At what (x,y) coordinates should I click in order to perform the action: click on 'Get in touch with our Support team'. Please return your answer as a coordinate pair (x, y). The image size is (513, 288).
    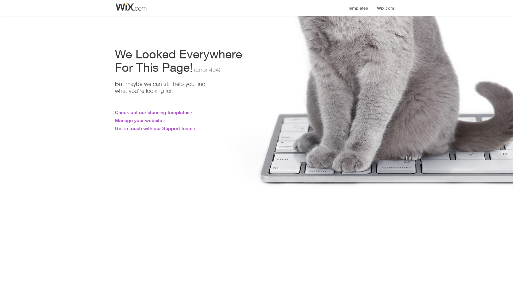
    Looking at the image, I should click on (153, 128).